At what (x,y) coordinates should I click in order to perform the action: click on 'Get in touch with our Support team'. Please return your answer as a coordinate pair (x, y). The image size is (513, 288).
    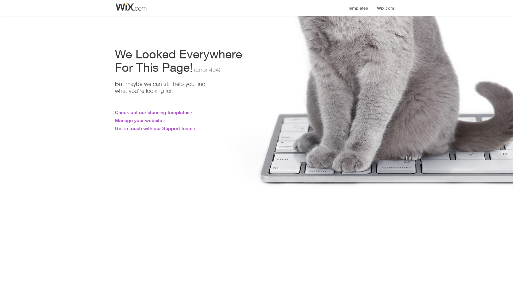
    Looking at the image, I should click on (153, 128).